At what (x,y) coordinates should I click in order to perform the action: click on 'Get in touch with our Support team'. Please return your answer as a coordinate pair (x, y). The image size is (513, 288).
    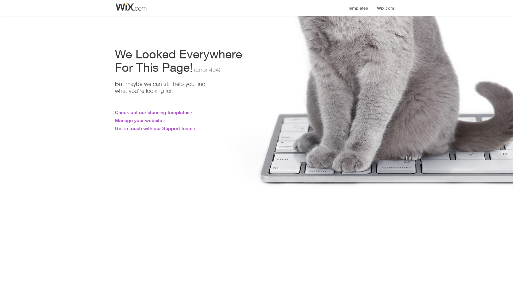
    Looking at the image, I should click on (153, 128).